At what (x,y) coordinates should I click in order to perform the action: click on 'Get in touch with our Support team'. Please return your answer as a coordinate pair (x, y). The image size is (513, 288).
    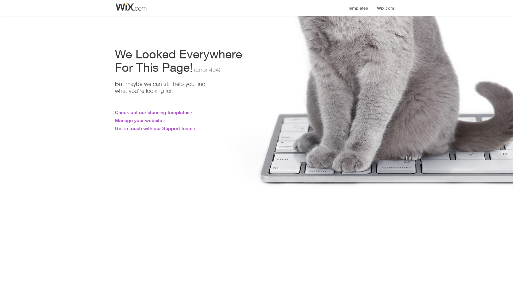
    Looking at the image, I should click on (153, 128).